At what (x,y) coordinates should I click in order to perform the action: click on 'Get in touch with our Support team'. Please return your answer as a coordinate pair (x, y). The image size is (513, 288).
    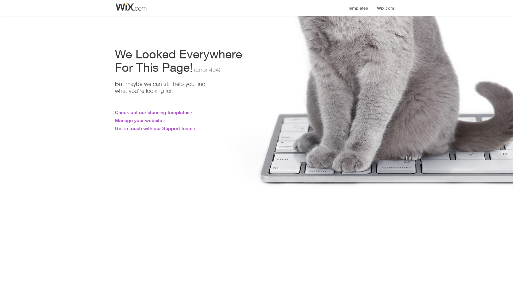
    Looking at the image, I should click on (153, 128).